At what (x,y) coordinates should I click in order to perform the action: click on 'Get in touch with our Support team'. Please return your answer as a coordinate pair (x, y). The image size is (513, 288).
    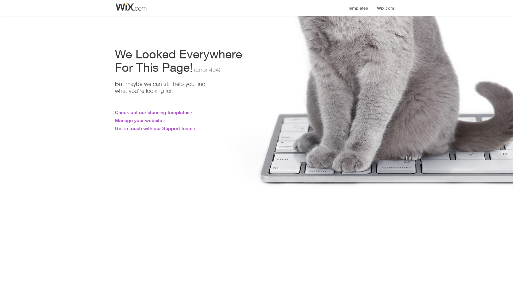
    Looking at the image, I should click on (153, 128).